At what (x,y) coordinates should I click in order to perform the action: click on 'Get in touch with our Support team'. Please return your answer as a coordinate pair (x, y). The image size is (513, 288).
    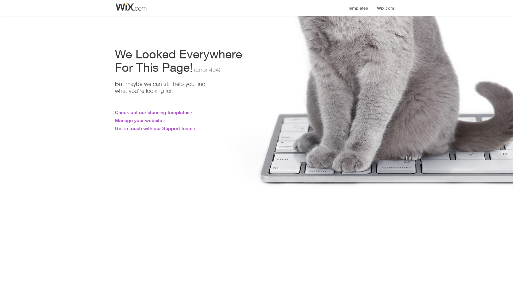
    Looking at the image, I should click on (153, 128).